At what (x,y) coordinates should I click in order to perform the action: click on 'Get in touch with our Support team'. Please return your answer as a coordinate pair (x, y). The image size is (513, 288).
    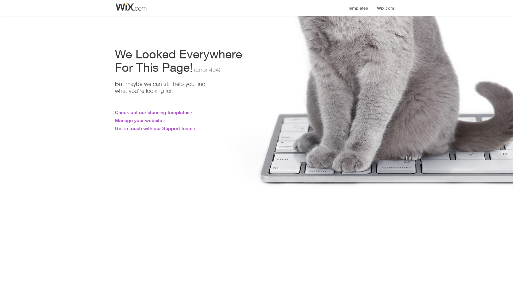
    Looking at the image, I should click on (153, 128).